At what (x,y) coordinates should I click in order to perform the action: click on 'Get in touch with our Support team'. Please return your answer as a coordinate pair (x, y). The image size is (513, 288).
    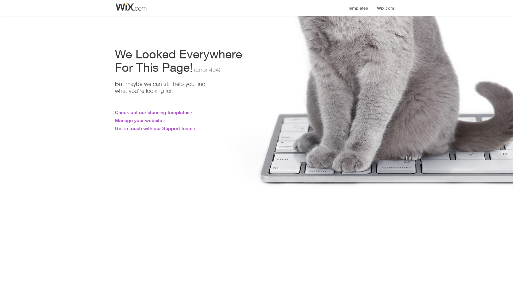
    Looking at the image, I should click on (153, 128).